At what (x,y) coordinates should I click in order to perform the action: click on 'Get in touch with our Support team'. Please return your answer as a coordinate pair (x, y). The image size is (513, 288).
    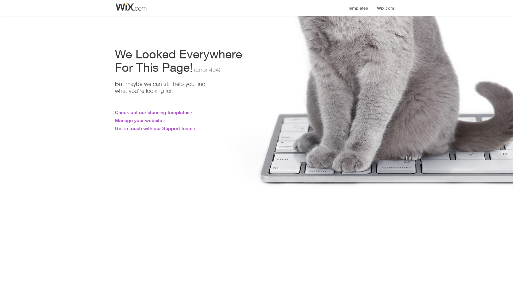
    Looking at the image, I should click on (153, 128).